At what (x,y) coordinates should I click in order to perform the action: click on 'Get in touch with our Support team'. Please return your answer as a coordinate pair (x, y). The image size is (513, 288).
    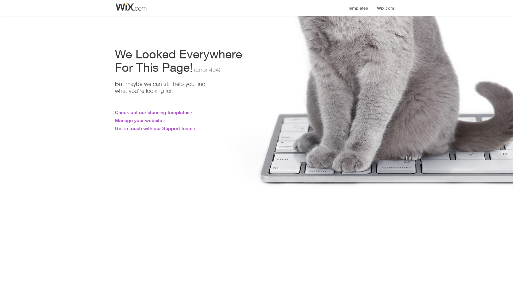
    Looking at the image, I should click on (153, 128).